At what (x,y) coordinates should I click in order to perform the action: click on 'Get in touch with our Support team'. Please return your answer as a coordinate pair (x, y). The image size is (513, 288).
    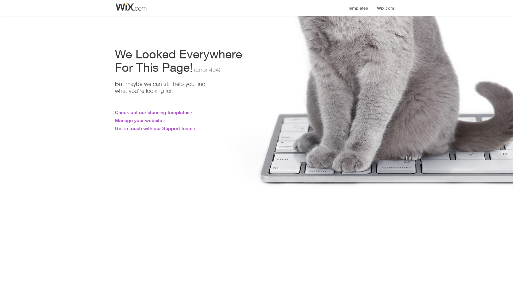
    Looking at the image, I should click on (153, 128).